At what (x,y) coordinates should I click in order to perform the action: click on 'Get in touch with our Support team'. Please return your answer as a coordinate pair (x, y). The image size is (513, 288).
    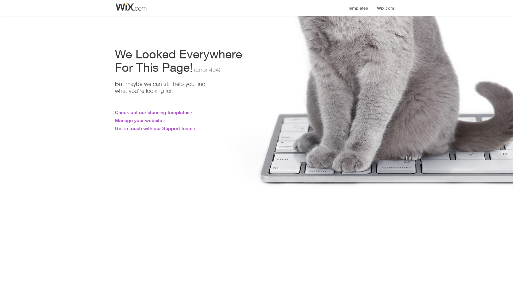
    Looking at the image, I should click on (153, 128).